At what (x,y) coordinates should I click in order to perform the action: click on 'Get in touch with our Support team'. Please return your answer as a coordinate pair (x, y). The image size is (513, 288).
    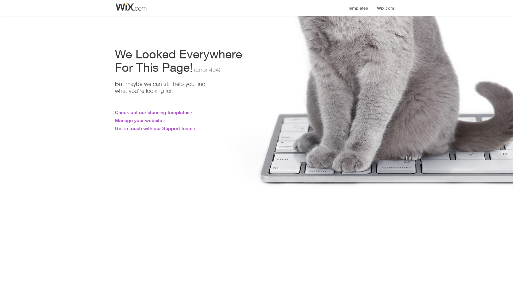
    Looking at the image, I should click on (153, 128).